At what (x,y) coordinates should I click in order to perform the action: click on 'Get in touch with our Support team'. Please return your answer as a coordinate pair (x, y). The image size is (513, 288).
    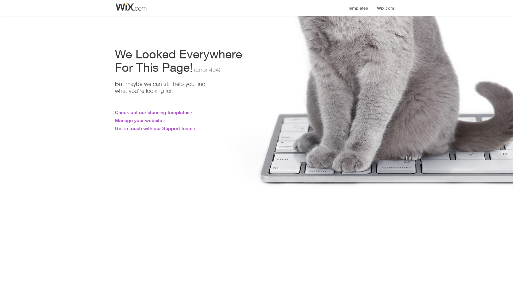
    Looking at the image, I should click on (153, 128).